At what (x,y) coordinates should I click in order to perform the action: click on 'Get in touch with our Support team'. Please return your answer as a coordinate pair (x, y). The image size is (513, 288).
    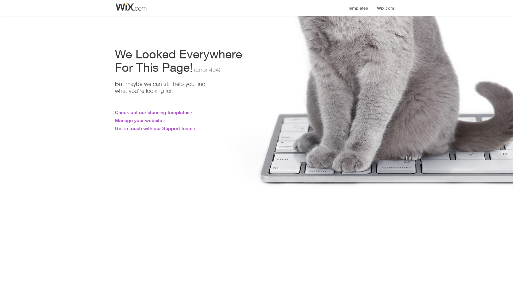
    Looking at the image, I should click on (153, 128).